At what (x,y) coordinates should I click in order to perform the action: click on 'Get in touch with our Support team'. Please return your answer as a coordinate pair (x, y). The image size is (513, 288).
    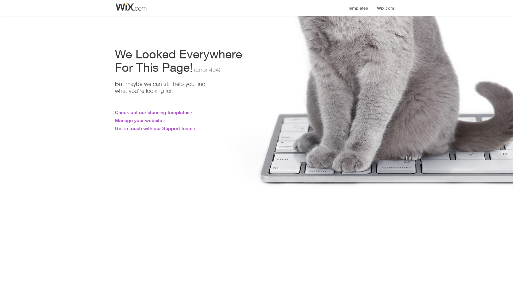
    Looking at the image, I should click on (153, 128).